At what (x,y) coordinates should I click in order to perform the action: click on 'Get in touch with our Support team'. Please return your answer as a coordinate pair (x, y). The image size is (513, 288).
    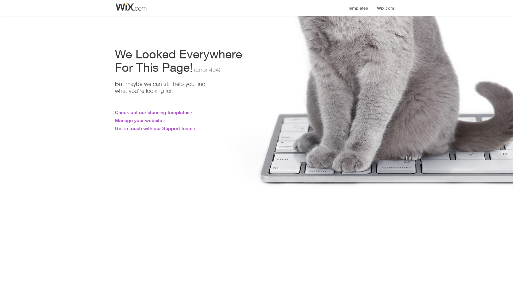
    Looking at the image, I should click on (153, 128).